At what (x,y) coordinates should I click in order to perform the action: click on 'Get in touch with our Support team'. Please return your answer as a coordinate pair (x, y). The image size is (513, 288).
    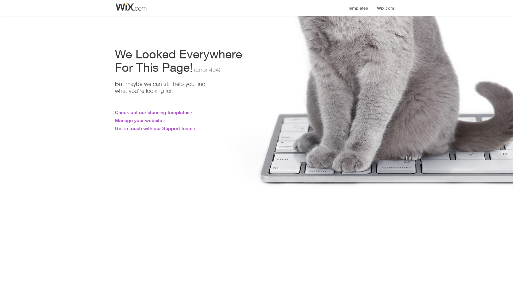
    Looking at the image, I should click on (153, 128).